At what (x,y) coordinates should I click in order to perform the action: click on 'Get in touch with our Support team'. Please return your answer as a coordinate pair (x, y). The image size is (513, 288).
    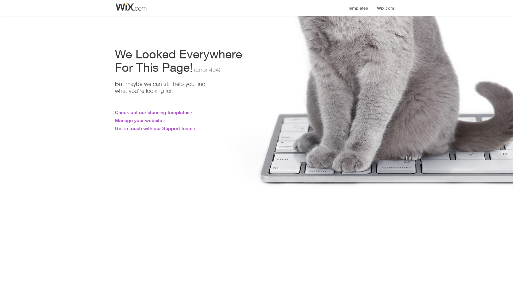
    Looking at the image, I should click on (153, 128).